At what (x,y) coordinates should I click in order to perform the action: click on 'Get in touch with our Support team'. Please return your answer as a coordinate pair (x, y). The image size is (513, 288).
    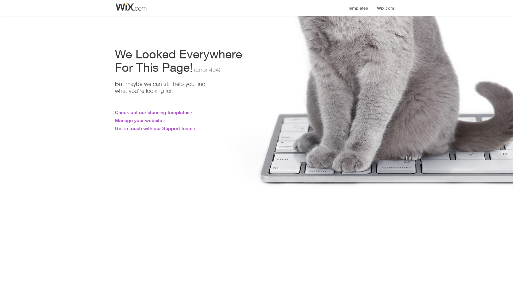
    Looking at the image, I should click on (153, 128).